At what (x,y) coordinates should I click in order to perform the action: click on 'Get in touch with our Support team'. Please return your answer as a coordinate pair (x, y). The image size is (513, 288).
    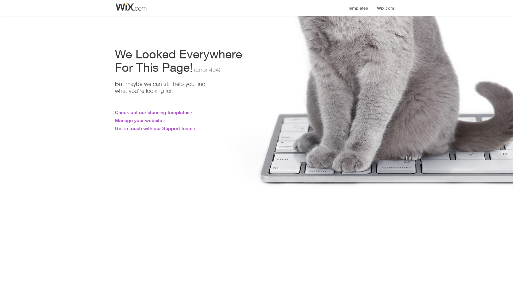
    Looking at the image, I should click on (153, 128).